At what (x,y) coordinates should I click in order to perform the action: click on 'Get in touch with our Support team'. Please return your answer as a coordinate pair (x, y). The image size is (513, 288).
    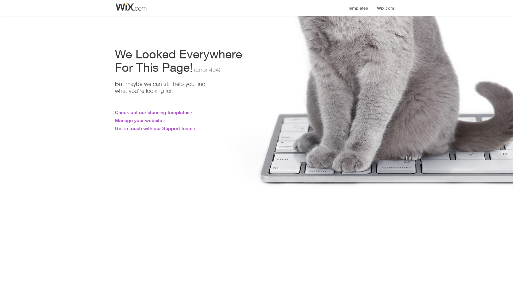
    Looking at the image, I should click on (153, 128).